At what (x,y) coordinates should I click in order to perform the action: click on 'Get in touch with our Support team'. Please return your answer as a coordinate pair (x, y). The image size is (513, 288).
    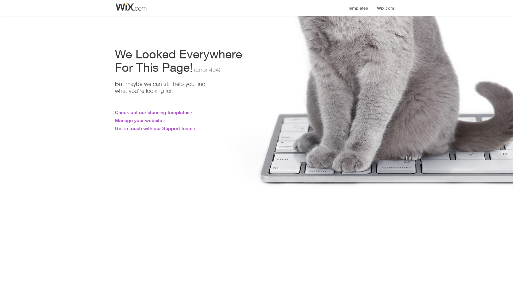
    Looking at the image, I should click on (153, 128).